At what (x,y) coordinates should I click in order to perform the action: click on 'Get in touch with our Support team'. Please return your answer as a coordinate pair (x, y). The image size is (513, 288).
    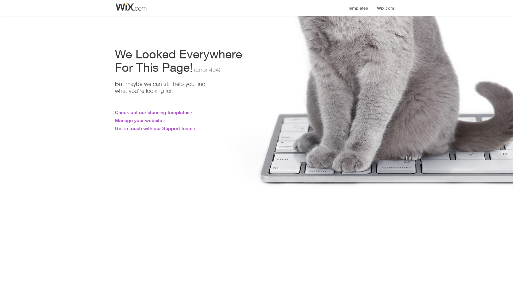
    Looking at the image, I should click on (153, 128).